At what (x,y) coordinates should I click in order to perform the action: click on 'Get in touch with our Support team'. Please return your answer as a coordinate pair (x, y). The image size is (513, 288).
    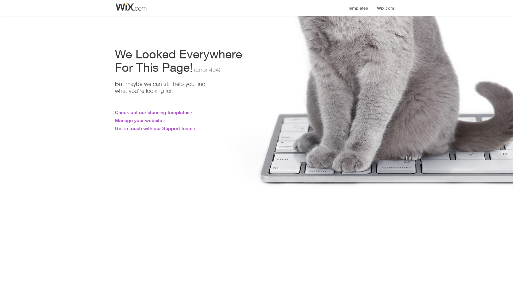
    Looking at the image, I should click on (153, 128).